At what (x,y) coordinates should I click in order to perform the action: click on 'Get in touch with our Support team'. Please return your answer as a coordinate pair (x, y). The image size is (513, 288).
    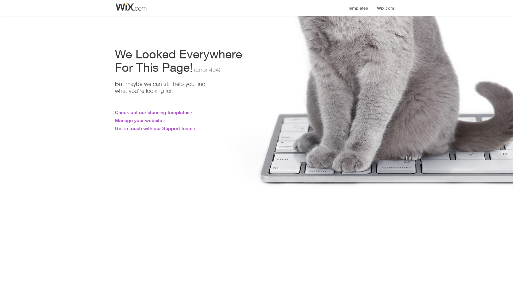
    Looking at the image, I should click on (153, 128).